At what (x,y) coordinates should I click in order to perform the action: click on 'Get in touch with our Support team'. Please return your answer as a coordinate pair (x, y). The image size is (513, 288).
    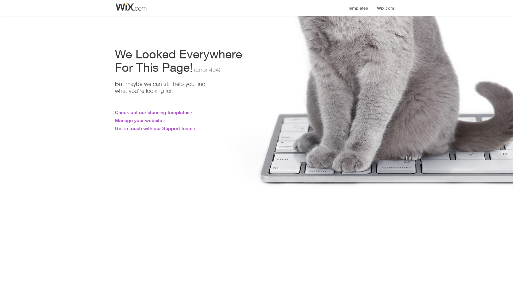
    Looking at the image, I should click on (153, 128).